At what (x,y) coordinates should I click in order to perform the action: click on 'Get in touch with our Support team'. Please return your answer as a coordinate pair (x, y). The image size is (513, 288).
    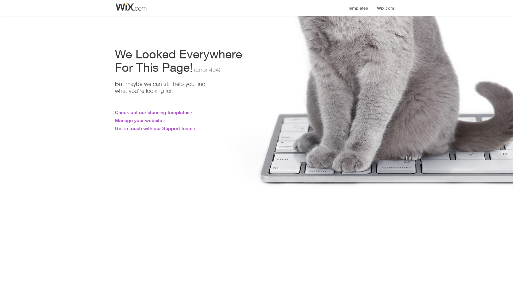
    Looking at the image, I should click on (153, 128).